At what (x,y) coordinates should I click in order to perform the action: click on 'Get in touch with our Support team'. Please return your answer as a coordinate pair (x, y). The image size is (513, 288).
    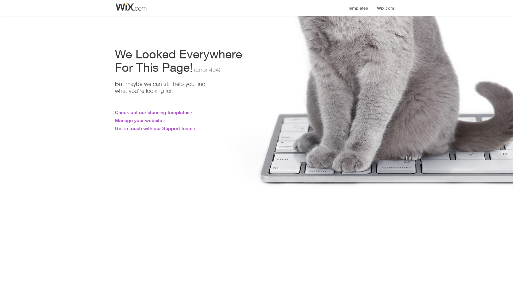
    Looking at the image, I should click on (153, 128).